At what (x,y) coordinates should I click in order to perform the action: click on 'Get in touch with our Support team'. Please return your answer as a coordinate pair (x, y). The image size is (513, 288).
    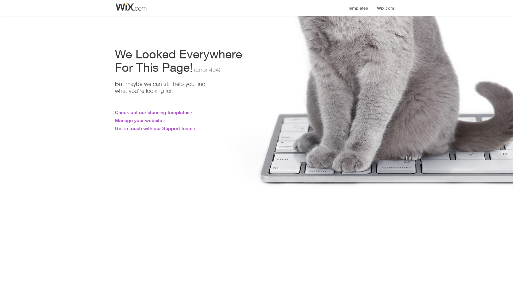
    Looking at the image, I should click on (153, 128).